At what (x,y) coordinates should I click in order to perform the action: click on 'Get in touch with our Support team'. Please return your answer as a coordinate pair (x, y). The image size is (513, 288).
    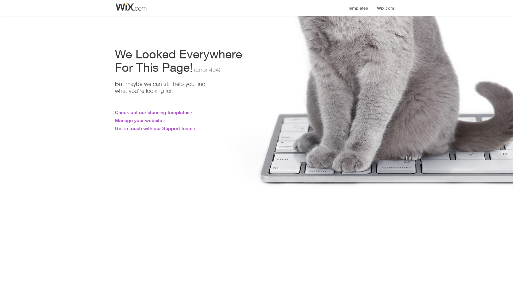
    Looking at the image, I should click on (153, 128).